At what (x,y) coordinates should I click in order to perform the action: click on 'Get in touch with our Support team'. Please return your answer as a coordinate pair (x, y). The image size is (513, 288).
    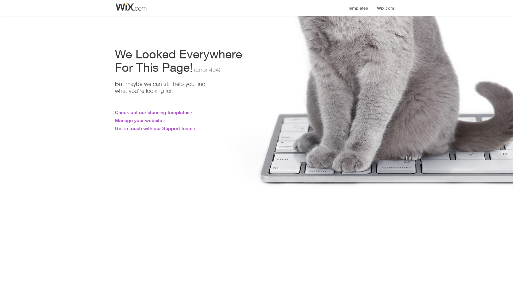
    Looking at the image, I should click on (153, 128).